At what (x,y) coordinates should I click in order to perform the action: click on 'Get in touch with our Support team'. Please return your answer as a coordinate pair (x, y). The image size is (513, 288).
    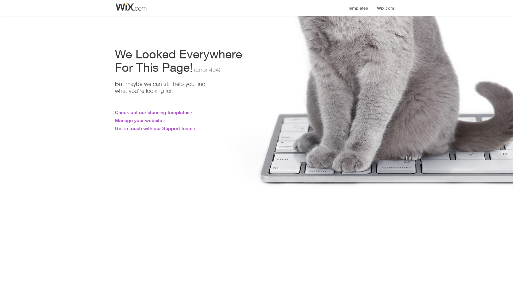
    Looking at the image, I should click on (153, 128).